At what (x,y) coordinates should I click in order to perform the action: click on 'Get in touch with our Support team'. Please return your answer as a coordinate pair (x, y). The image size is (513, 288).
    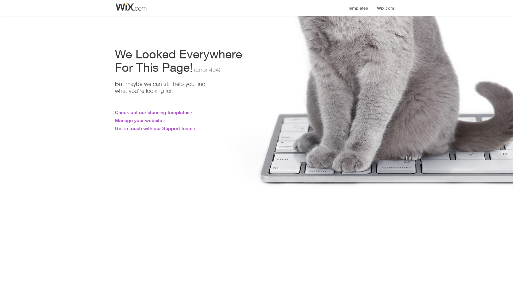
    Looking at the image, I should click on (153, 128).